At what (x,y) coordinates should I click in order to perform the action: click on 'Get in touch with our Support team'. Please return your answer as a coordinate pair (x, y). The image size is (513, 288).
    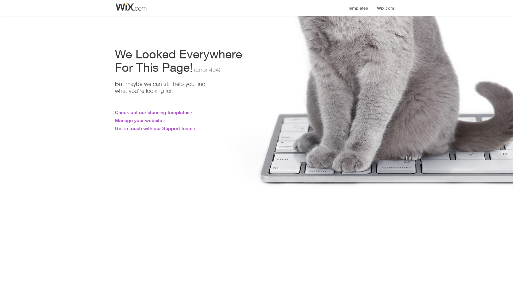
    Looking at the image, I should click on (153, 128).